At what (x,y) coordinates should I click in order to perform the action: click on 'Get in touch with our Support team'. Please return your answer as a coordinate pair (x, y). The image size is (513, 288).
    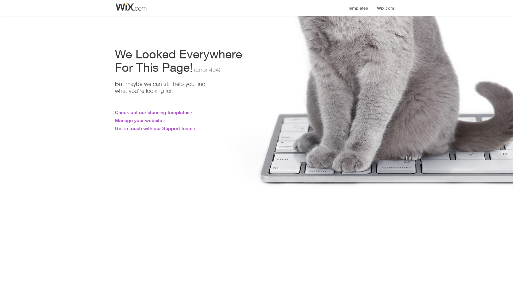
    Looking at the image, I should click on (153, 128).